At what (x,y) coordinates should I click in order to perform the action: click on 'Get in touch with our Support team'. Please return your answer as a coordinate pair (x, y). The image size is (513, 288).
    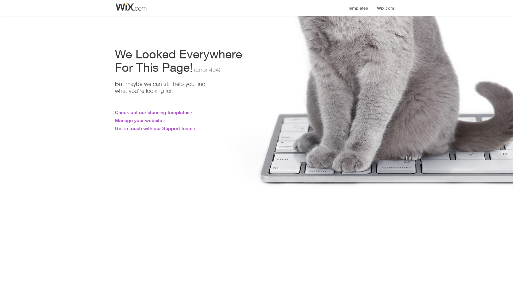
    Looking at the image, I should click on (153, 128).